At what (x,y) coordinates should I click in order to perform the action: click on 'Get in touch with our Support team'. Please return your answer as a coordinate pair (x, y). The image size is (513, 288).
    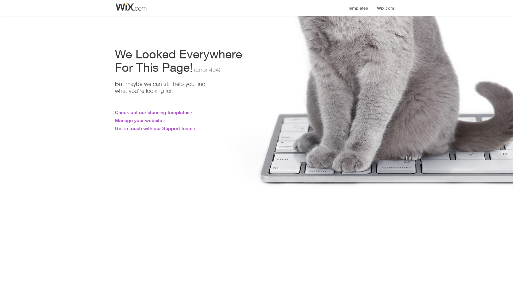
    Looking at the image, I should click on (153, 128).